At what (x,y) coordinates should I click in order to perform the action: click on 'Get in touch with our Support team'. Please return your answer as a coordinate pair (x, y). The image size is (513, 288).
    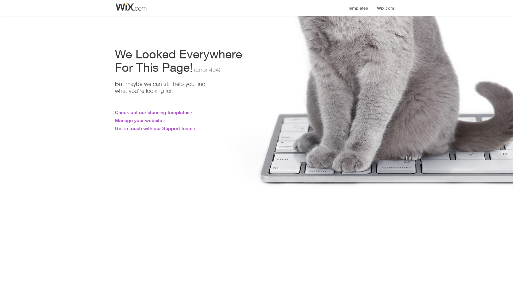
    Looking at the image, I should click on (153, 128).